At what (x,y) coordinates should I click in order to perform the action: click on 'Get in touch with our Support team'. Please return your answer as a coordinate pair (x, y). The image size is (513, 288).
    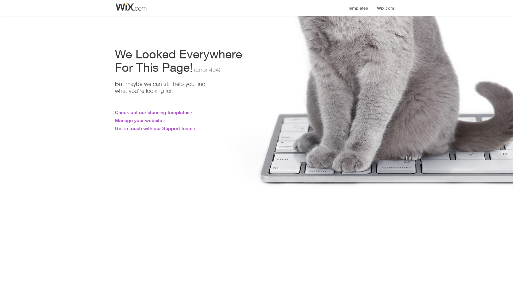
    Looking at the image, I should click on (153, 128).